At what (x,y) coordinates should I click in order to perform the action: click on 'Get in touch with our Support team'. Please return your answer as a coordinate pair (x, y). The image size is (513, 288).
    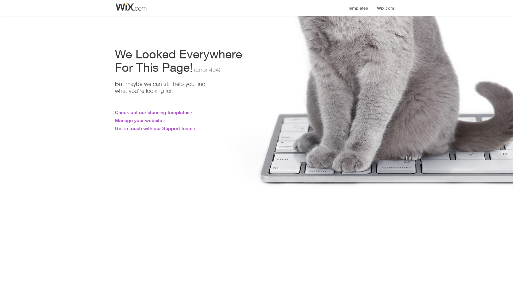
    Looking at the image, I should click on (153, 128).